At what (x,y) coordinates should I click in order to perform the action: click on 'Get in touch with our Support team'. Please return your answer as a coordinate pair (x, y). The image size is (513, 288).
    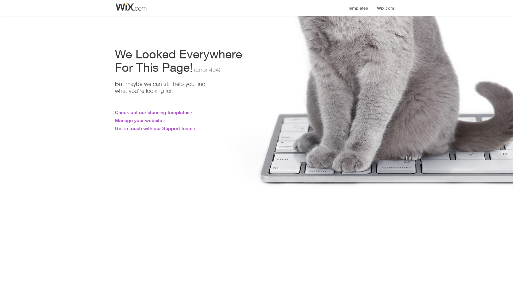
    Looking at the image, I should click on (153, 128).